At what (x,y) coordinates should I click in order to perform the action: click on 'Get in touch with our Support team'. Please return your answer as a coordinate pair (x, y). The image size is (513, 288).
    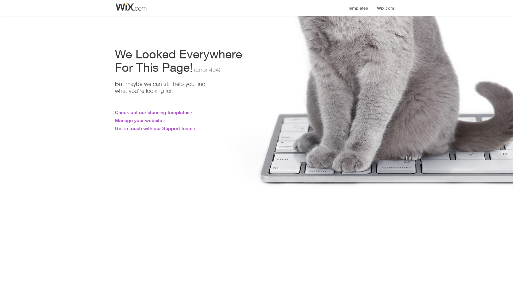
    Looking at the image, I should click on (153, 128).